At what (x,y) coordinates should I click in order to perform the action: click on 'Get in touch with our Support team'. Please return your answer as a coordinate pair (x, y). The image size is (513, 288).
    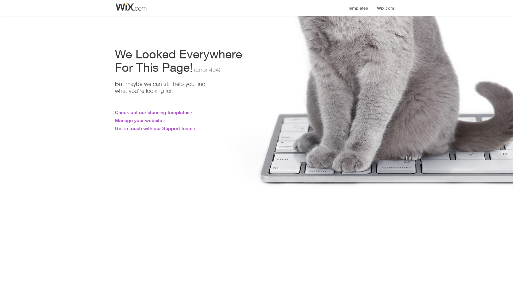
    Looking at the image, I should click on (153, 128).